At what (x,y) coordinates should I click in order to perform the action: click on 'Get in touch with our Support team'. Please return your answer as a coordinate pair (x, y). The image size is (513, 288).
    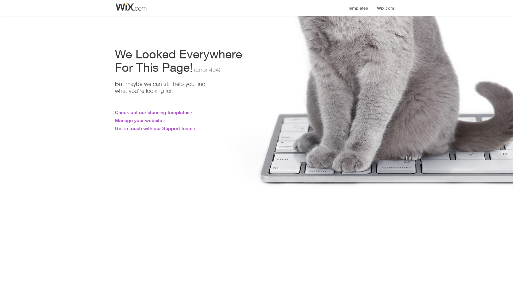
    Looking at the image, I should click on (153, 128).